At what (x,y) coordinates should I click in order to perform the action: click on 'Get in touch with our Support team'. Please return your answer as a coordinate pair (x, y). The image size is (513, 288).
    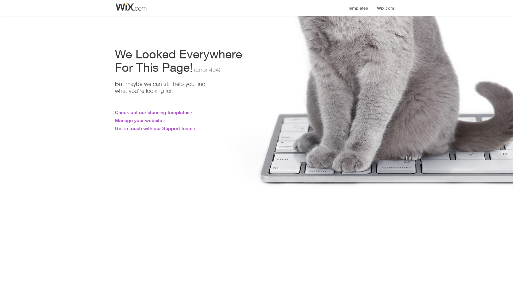
    Looking at the image, I should click on (153, 128).